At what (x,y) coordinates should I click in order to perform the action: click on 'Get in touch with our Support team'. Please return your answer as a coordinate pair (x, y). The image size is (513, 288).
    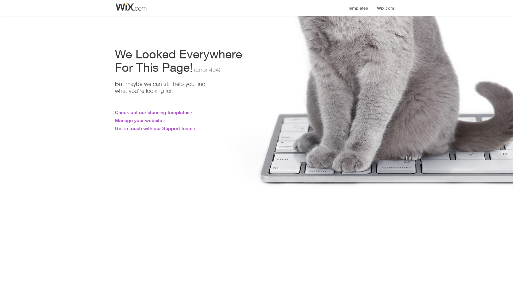
    Looking at the image, I should click on (153, 128).